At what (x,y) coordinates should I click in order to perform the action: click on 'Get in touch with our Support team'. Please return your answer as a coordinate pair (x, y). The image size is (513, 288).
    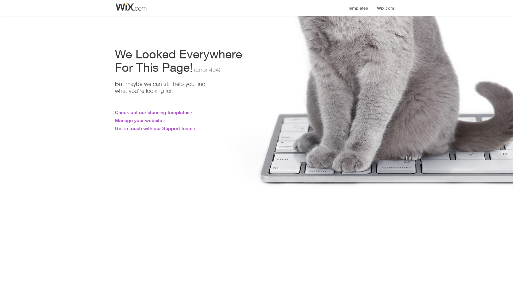
    Looking at the image, I should click on (153, 128).